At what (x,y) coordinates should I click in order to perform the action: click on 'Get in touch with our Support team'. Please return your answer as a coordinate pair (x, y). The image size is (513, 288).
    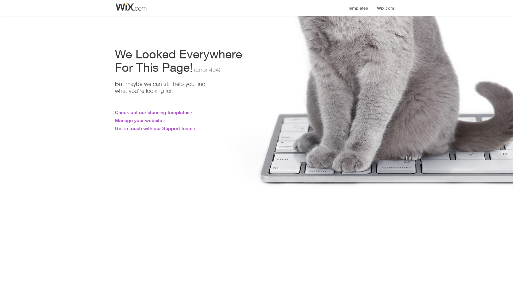
    Looking at the image, I should click on (153, 128).